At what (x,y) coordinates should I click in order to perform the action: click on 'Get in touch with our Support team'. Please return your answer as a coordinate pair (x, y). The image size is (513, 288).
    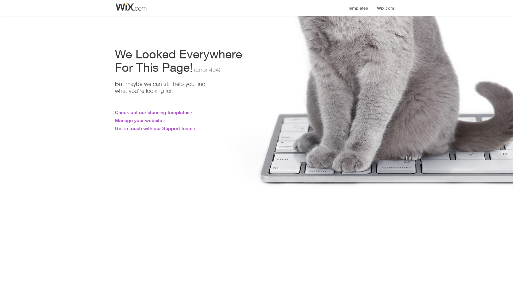
    Looking at the image, I should click on (153, 128).